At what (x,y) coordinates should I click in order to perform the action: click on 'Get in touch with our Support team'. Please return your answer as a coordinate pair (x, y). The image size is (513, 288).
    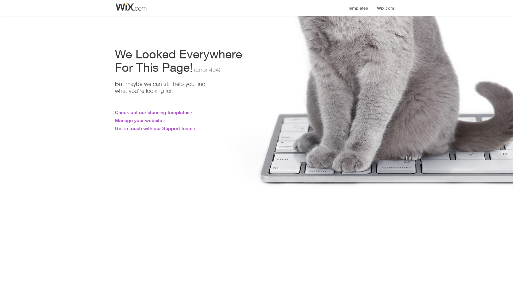
    Looking at the image, I should click on (153, 128).